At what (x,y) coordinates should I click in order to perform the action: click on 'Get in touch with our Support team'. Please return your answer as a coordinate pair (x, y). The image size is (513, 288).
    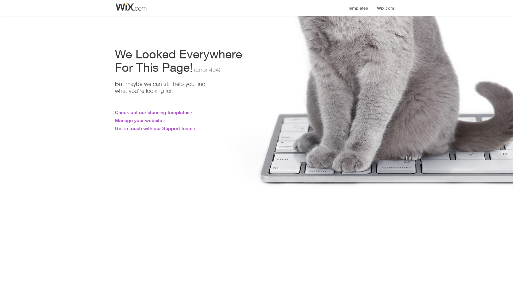
    Looking at the image, I should click on (153, 128).